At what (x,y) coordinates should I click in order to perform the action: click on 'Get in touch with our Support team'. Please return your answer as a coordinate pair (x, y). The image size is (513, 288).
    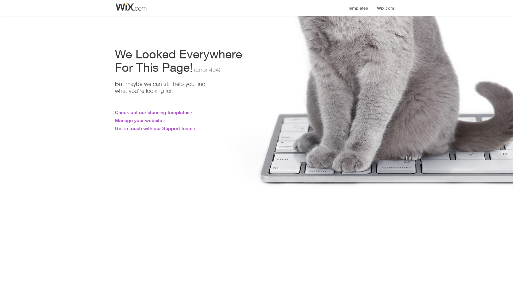
    Looking at the image, I should click on (153, 128).